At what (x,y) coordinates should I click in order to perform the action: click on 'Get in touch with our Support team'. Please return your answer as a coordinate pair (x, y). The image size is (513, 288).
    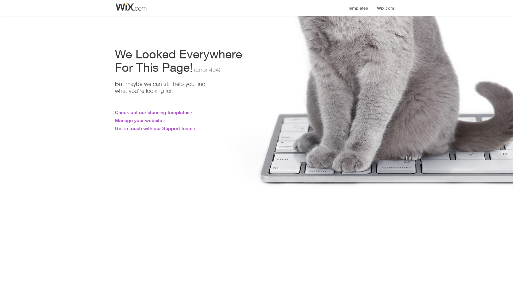
    Looking at the image, I should click on (153, 128).